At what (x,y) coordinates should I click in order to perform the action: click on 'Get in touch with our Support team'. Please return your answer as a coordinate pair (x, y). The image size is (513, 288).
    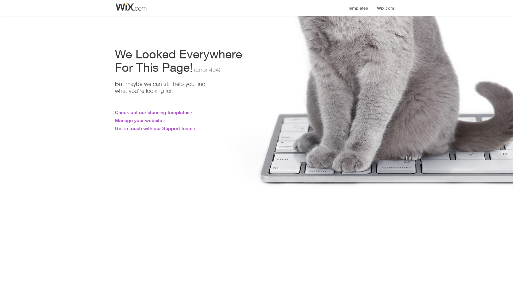
    Looking at the image, I should click on (153, 128).